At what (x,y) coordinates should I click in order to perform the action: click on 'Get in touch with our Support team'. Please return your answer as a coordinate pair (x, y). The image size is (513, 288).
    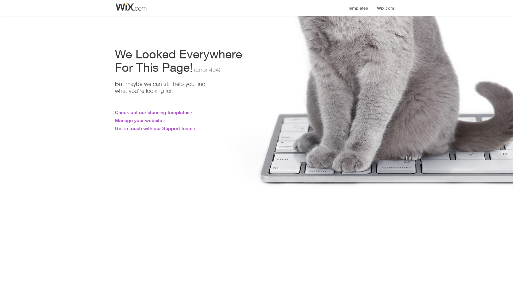
    Looking at the image, I should click on (153, 128).